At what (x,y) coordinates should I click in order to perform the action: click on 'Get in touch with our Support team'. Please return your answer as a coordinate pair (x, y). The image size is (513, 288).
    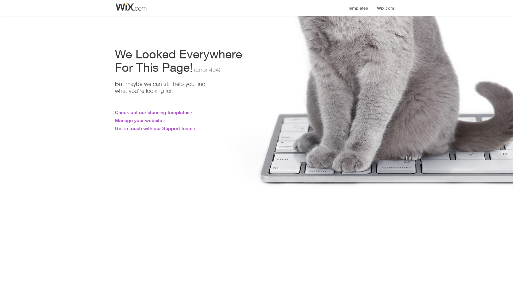
    Looking at the image, I should click on (153, 128).